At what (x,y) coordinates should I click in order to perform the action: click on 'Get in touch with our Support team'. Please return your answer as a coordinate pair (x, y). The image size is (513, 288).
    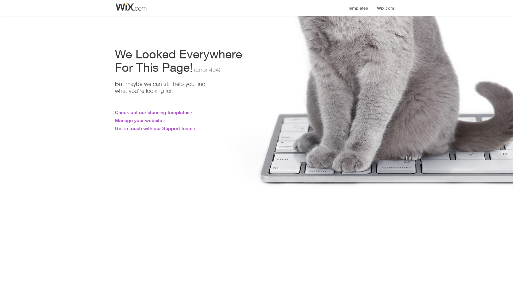
    Looking at the image, I should click on (153, 128).